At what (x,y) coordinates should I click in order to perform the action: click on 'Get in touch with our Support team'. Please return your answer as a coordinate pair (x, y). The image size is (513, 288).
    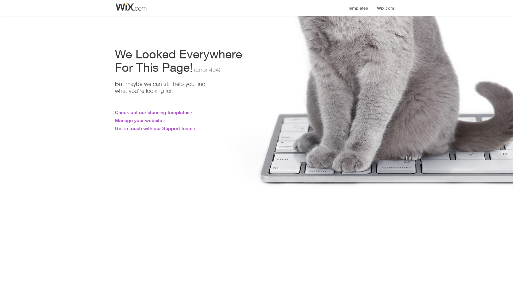
    Looking at the image, I should click on (153, 128).